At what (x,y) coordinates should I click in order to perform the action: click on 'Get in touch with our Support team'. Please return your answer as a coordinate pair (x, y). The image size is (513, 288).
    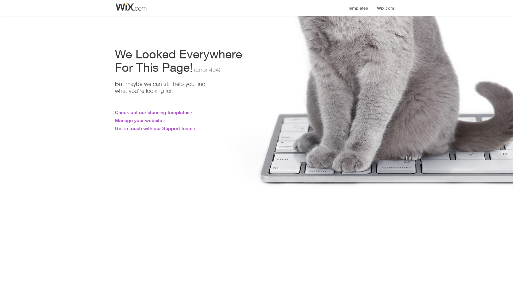
    Looking at the image, I should click on (153, 128).